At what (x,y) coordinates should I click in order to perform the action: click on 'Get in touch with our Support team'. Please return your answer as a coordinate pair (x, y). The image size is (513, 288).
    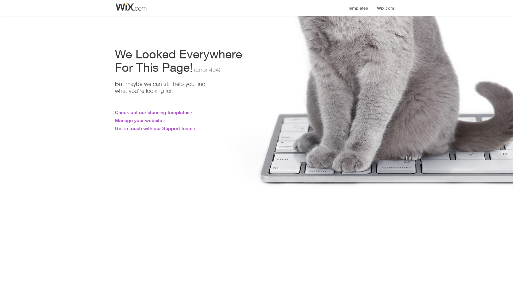
    Looking at the image, I should click on (153, 128).